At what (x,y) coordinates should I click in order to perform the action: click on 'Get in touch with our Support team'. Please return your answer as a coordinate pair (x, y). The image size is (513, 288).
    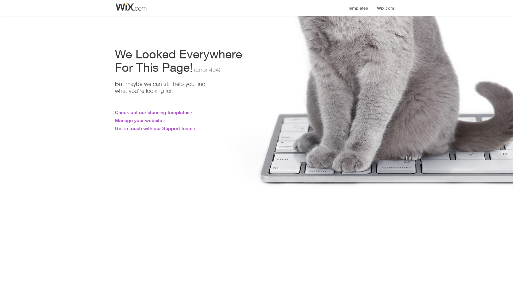
    Looking at the image, I should click on (153, 128).